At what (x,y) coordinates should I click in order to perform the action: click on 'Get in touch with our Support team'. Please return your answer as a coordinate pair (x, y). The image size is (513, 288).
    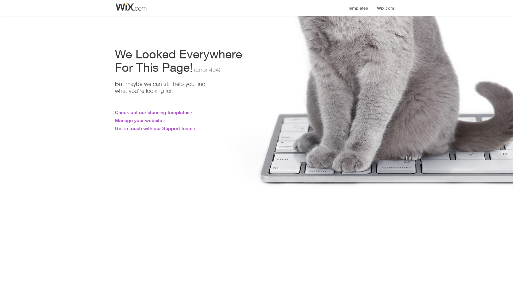
    Looking at the image, I should click on (153, 128).